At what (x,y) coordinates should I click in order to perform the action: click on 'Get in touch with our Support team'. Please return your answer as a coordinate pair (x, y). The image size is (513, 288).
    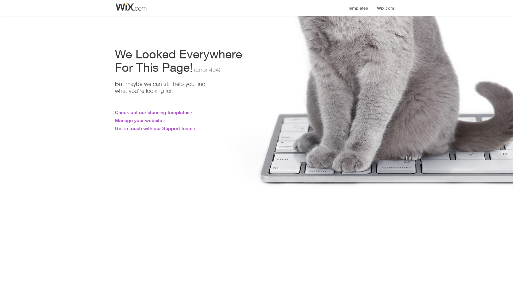
    Looking at the image, I should click on (153, 128).